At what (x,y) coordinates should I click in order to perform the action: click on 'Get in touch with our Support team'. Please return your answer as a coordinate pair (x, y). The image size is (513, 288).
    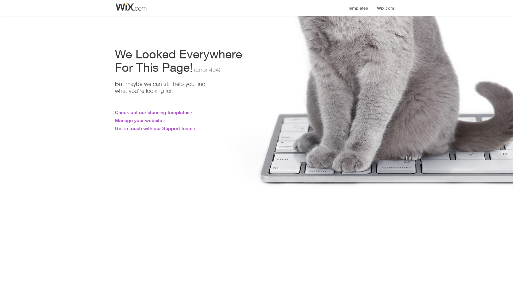
    Looking at the image, I should click on (153, 128).